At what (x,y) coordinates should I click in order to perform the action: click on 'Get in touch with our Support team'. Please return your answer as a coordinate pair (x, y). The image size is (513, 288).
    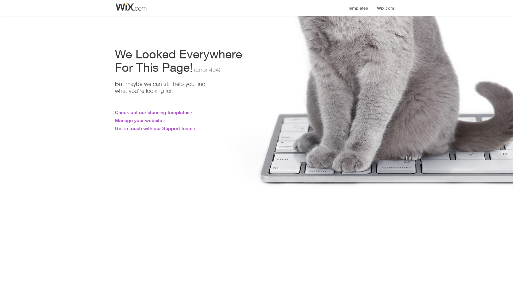
    Looking at the image, I should click on (153, 128).